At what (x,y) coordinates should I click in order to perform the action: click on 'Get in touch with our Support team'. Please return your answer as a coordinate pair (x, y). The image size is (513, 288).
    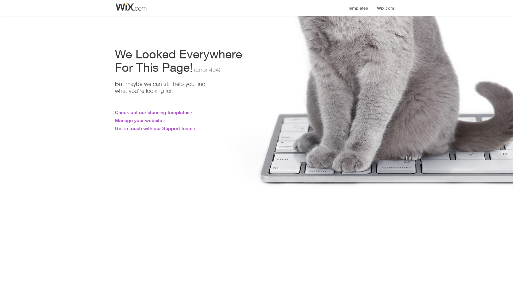
    Looking at the image, I should click on (153, 128).